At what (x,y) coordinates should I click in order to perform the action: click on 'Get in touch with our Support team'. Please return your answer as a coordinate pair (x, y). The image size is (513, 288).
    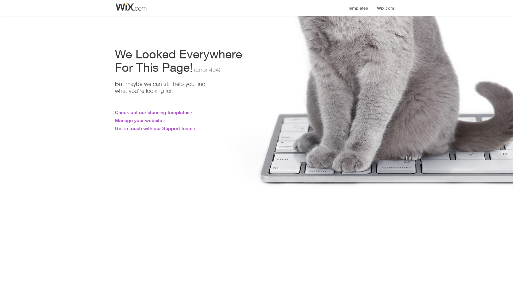
    Looking at the image, I should click on (153, 128).